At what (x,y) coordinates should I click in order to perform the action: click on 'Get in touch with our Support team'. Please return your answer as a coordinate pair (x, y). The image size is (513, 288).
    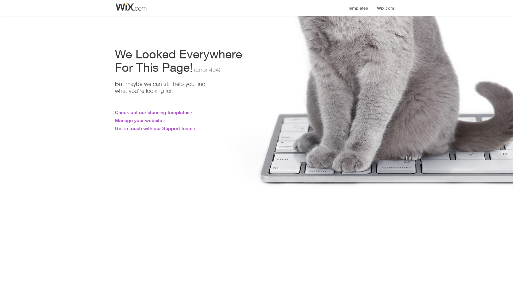
    Looking at the image, I should click on (153, 128).